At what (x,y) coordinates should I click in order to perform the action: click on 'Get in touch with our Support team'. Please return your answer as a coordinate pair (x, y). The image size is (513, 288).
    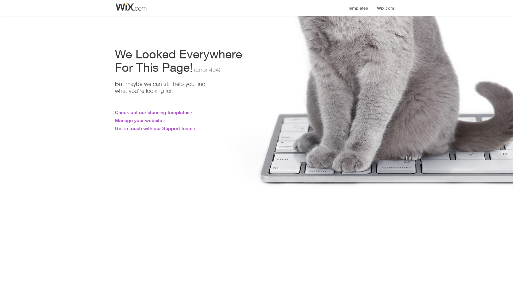
    Looking at the image, I should click on (153, 128).